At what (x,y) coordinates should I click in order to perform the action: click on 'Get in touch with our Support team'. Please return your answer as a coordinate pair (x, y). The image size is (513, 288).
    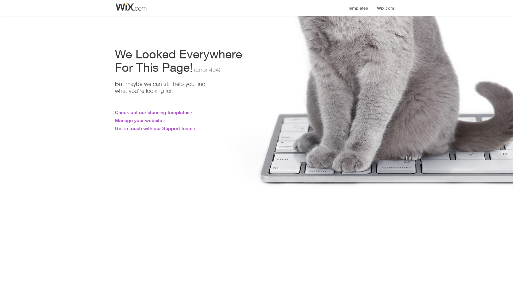
    Looking at the image, I should click on (153, 128).